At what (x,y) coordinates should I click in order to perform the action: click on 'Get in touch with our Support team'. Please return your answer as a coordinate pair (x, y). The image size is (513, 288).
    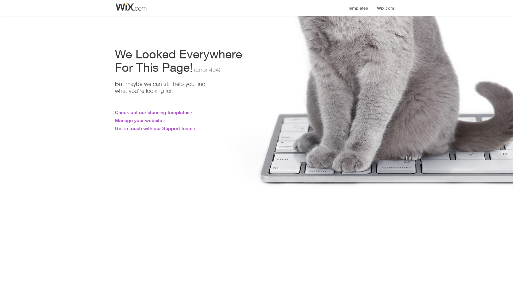
    Looking at the image, I should click on (153, 128).